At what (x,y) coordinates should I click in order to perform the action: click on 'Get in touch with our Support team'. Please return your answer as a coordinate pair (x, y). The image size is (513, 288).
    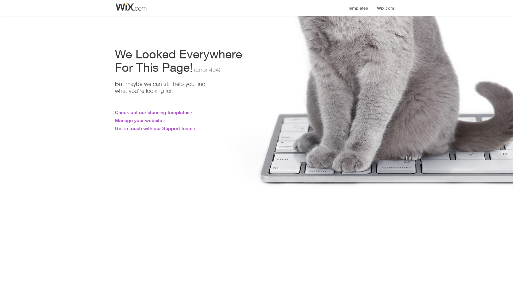
    Looking at the image, I should click on (153, 128).